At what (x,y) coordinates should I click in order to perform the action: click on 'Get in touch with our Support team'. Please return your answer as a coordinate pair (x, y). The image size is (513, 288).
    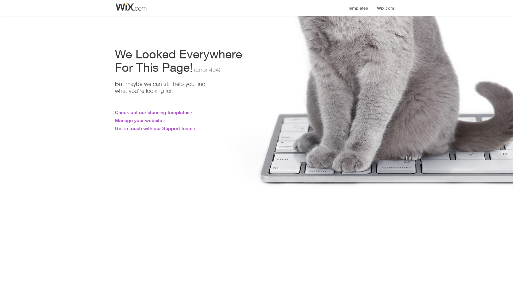
    Looking at the image, I should click on (153, 128).